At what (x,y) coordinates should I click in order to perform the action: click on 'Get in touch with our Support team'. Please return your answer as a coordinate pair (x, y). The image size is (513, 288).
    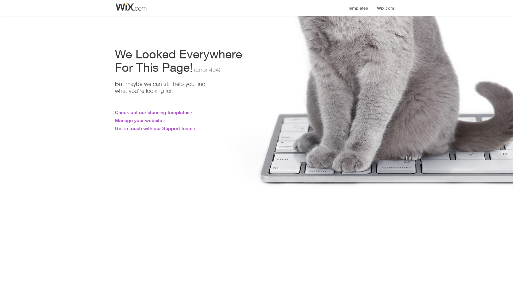
    Looking at the image, I should click on (153, 128).